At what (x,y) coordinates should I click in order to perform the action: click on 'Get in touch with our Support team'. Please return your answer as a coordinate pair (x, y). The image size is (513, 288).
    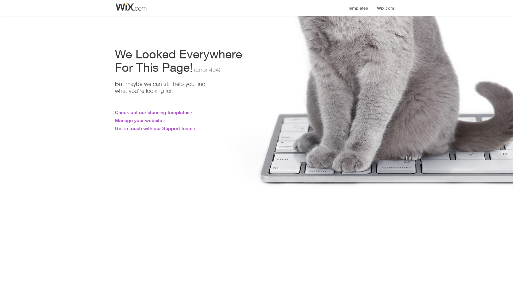
    Looking at the image, I should click on (153, 128).